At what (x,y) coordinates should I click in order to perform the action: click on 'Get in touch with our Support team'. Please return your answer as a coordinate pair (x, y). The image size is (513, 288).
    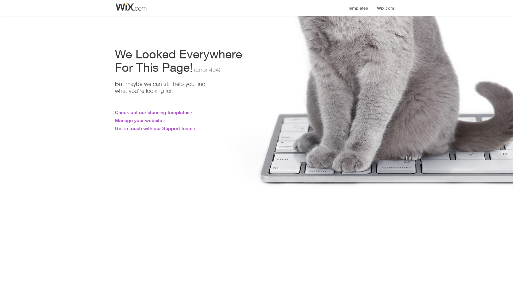
    Looking at the image, I should click on (153, 128).